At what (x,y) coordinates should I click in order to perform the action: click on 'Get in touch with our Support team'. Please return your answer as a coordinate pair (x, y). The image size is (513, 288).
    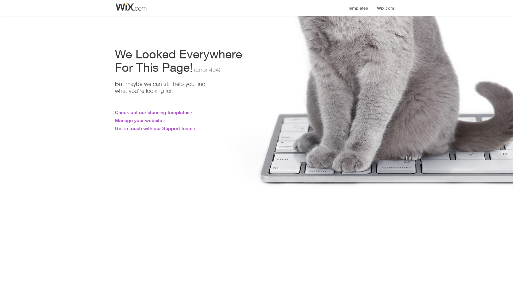
    Looking at the image, I should click on (153, 128).